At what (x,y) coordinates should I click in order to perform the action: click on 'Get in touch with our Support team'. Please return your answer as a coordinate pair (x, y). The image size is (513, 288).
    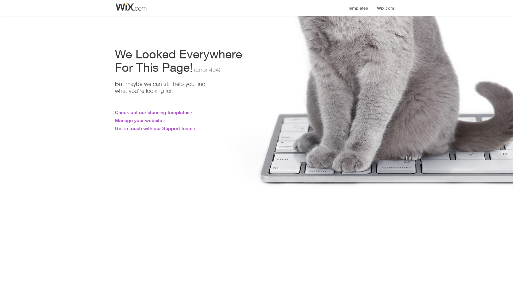
    Looking at the image, I should click on (153, 128).